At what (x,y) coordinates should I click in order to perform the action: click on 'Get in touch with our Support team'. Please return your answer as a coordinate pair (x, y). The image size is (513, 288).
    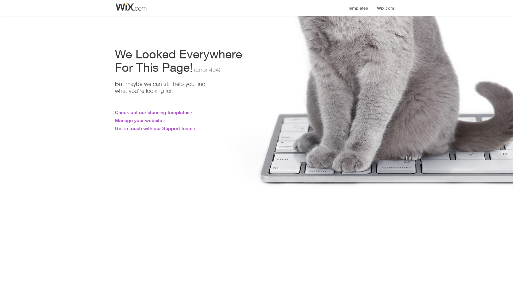
    Looking at the image, I should click on (153, 128).